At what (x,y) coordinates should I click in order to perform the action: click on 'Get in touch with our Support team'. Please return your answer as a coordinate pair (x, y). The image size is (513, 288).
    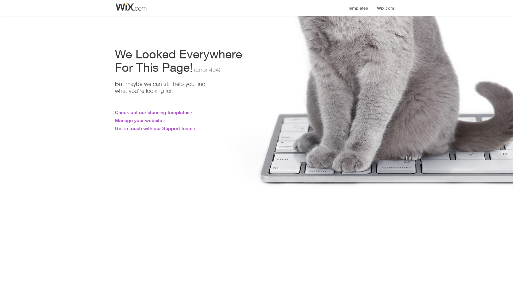
    Looking at the image, I should click on (153, 128).